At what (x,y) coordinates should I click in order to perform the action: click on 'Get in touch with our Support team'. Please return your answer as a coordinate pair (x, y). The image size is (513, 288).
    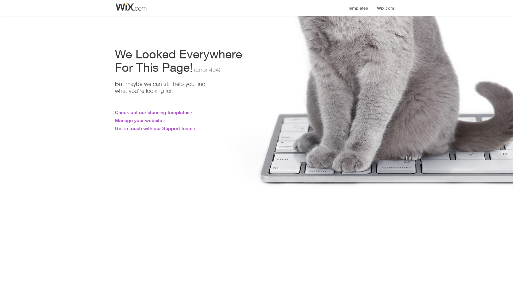
    Looking at the image, I should click on (153, 128).